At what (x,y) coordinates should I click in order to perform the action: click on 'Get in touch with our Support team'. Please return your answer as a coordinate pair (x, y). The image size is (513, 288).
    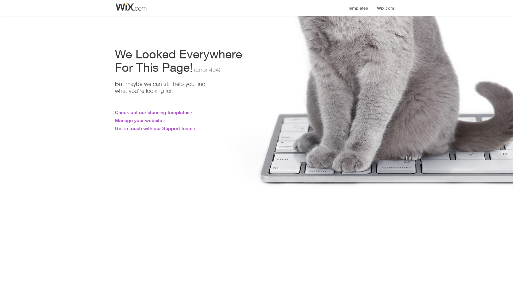
    Looking at the image, I should click on (153, 128).